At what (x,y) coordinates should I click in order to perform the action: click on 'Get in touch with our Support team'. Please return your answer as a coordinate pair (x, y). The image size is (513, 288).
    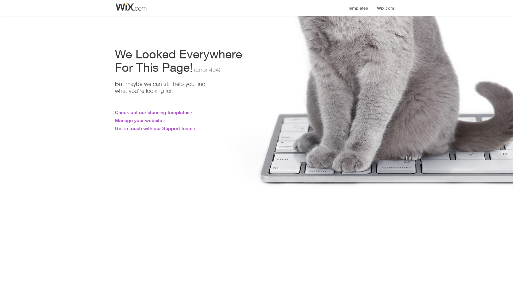
    Looking at the image, I should click on (153, 128).